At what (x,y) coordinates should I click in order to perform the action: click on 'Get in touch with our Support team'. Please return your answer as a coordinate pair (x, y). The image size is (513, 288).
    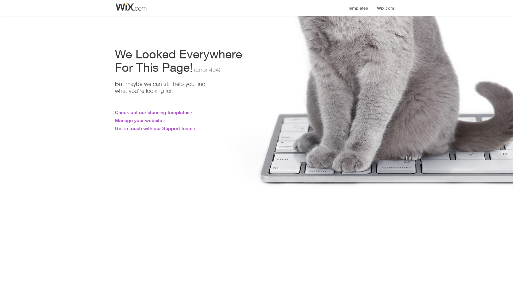
    Looking at the image, I should click on (153, 128).